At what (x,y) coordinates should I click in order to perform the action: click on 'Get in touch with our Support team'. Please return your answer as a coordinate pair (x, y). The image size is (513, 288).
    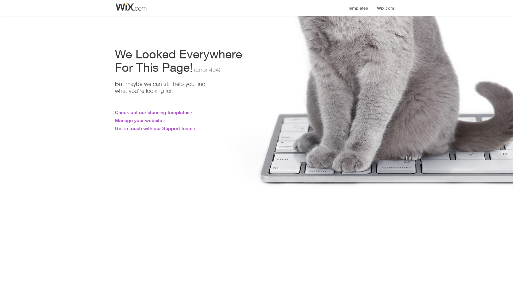
    Looking at the image, I should click on (153, 128).